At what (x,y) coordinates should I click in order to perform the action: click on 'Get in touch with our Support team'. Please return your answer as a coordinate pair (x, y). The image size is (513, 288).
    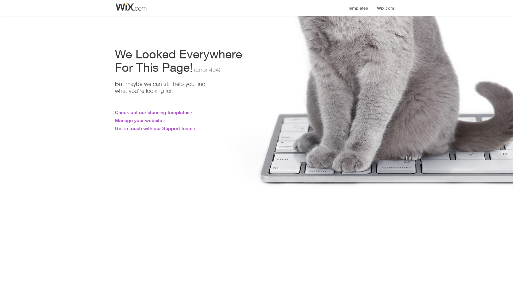
    Looking at the image, I should click on (153, 128).